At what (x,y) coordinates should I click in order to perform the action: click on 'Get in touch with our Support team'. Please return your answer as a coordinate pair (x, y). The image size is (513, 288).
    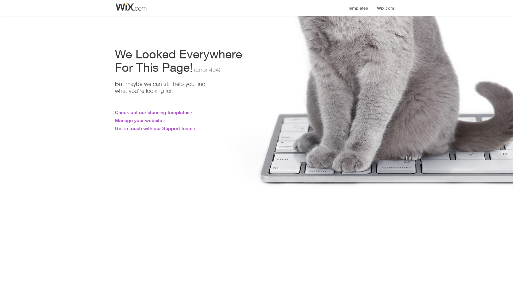
    Looking at the image, I should click on (153, 128).